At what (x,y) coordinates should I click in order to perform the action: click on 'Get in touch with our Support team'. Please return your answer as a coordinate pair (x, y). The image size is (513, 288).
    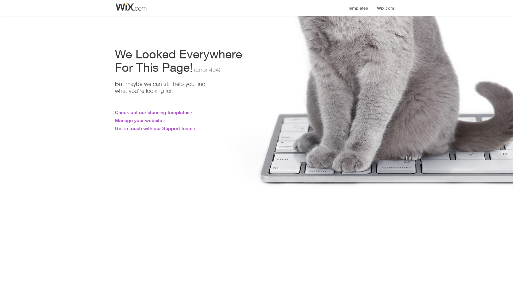
    Looking at the image, I should click on (153, 128).